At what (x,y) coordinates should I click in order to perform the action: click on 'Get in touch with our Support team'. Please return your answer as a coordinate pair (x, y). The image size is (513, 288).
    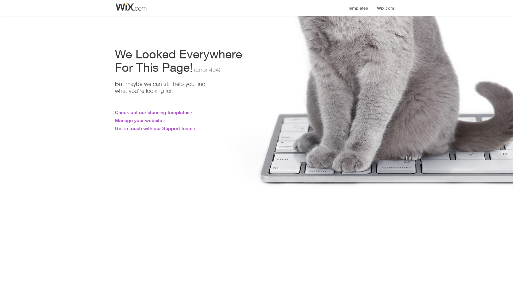
    Looking at the image, I should click on (153, 128).